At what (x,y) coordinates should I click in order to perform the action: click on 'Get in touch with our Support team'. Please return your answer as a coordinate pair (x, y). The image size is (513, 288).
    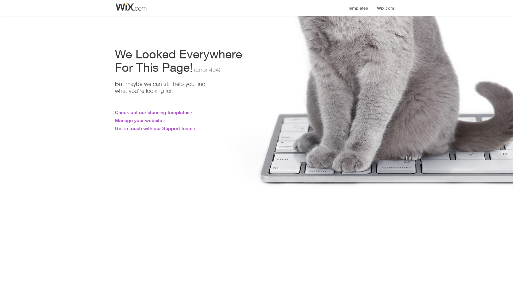
    Looking at the image, I should click on (153, 128).